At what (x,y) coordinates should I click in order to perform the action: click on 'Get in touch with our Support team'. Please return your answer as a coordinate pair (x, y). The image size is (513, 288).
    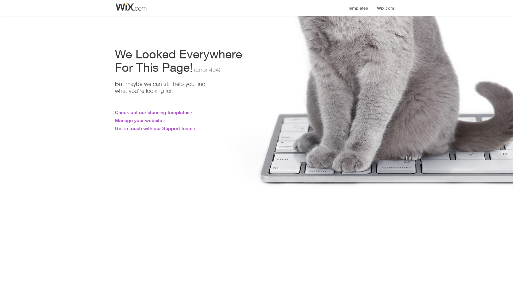
    Looking at the image, I should click on (153, 128).